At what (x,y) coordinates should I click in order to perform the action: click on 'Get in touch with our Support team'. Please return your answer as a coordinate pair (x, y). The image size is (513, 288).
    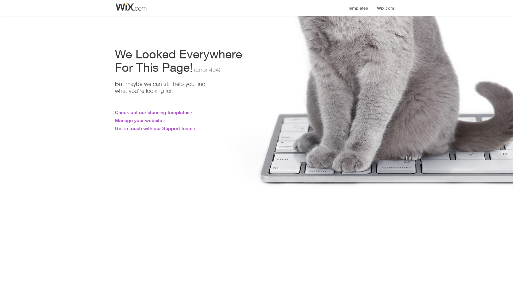
    Looking at the image, I should click on (153, 128).